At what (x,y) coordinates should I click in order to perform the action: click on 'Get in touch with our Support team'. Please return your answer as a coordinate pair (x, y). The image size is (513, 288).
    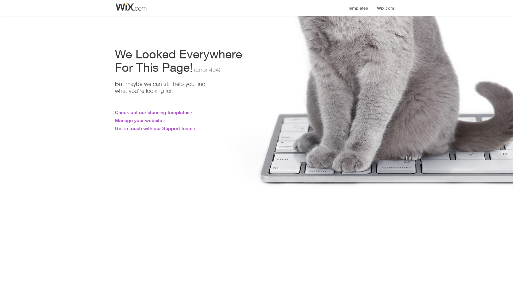
    Looking at the image, I should click on (153, 128).